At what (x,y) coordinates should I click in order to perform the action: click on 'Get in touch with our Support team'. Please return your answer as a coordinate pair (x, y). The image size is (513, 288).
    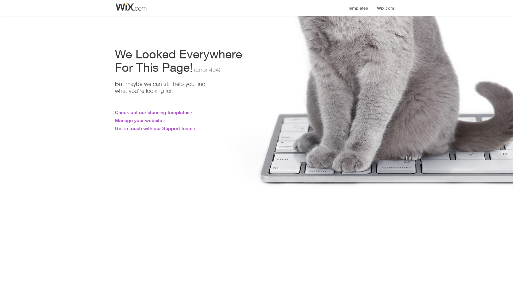
    Looking at the image, I should click on (153, 128).